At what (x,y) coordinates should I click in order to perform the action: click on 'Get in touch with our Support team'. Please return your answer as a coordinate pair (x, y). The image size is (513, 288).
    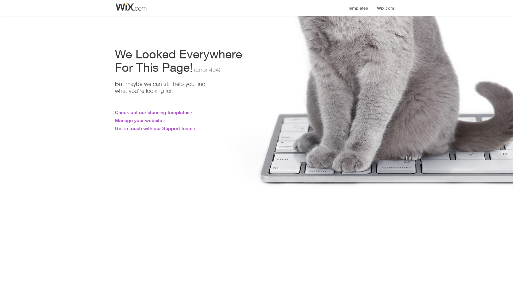
    Looking at the image, I should click on (153, 128).